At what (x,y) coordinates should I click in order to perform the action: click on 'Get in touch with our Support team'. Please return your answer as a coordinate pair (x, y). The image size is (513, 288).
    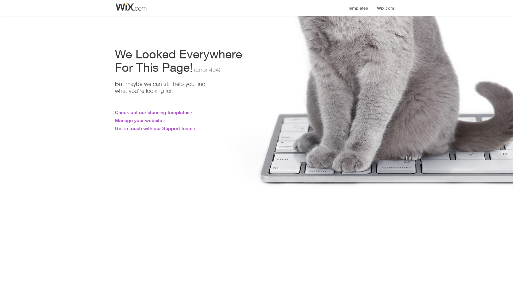
    Looking at the image, I should click on (153, 128).